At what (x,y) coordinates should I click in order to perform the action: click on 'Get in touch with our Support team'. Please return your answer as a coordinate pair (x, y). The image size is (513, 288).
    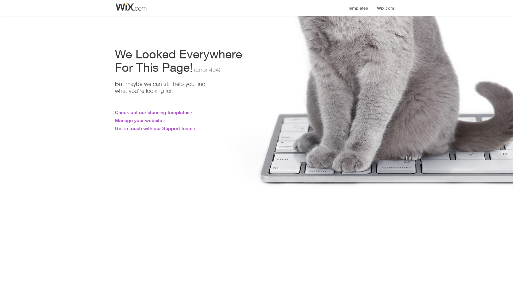
    Looking at the image, I should click on (153, 128).